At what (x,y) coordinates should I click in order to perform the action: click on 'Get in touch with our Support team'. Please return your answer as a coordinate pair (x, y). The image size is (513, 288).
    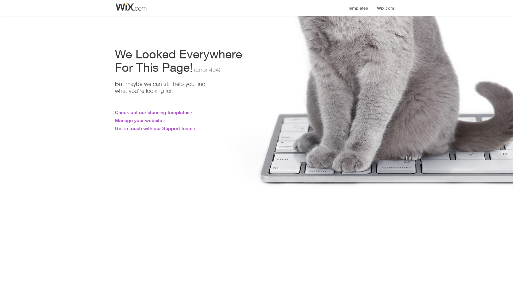
    Looking at the image, I should click on (153, 128).